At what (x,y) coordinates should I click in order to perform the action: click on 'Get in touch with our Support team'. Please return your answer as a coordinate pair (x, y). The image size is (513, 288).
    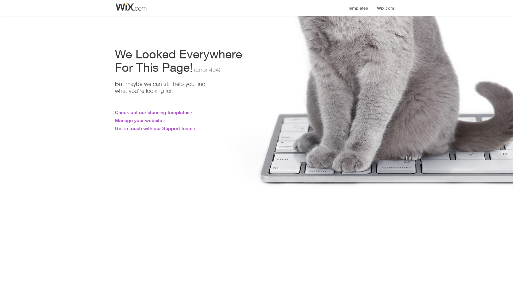
    Looking at the image, I should click on (153, 128).